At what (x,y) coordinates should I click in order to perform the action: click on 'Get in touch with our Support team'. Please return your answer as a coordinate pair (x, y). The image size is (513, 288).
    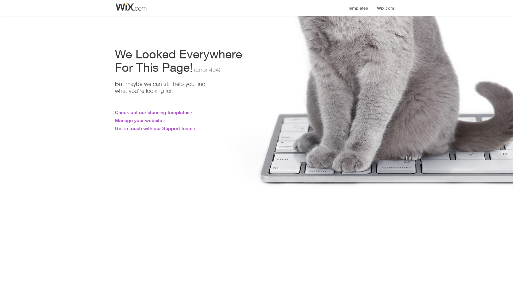
    Looking at the image, I should click on (153, 128).